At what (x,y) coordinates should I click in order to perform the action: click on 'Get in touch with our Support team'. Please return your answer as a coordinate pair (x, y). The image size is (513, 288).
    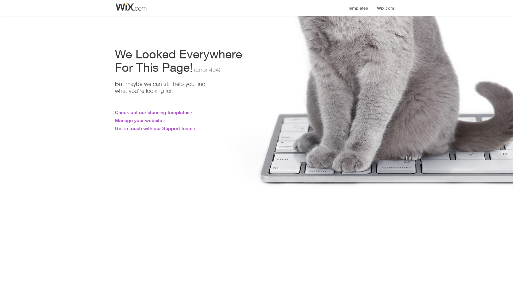
    Looking at the image, I should click on (153, 128).